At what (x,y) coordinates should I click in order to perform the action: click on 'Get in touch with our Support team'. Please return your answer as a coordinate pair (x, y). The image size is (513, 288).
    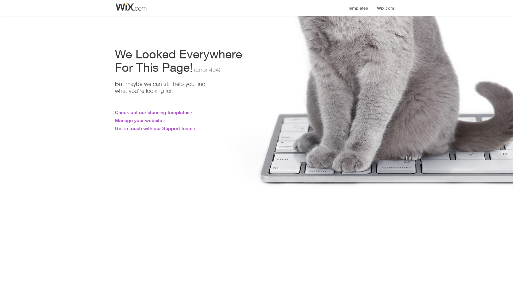
    Looking at the image, I should click on (153, 128).